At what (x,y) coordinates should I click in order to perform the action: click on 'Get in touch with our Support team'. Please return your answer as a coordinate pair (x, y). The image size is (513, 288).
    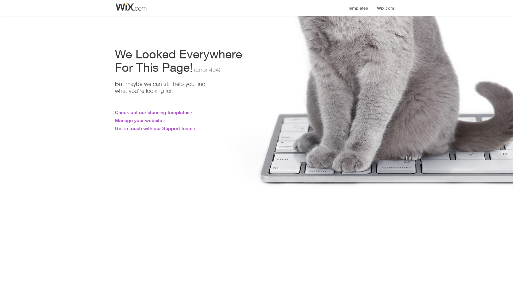
    Looking at the image, I should click on (153, 128).